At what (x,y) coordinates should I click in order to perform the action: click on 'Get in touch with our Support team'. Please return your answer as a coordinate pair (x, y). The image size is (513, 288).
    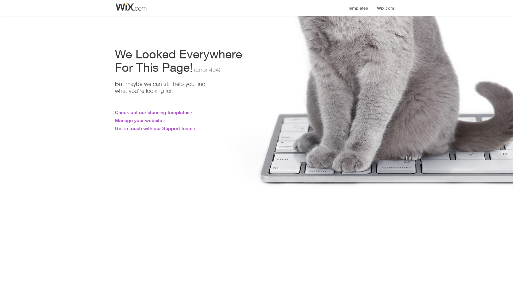
    Looking at the image, I should click on (153, 128).